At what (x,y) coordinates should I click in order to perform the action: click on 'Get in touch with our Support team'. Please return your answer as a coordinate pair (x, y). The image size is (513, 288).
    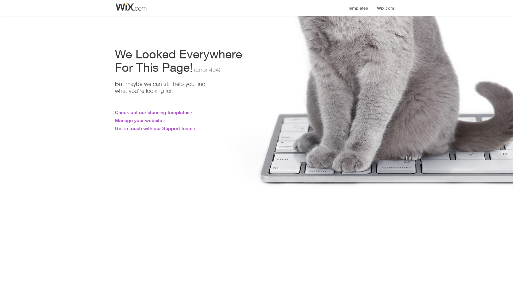
    Looking at the image, I should click on (153, 128).